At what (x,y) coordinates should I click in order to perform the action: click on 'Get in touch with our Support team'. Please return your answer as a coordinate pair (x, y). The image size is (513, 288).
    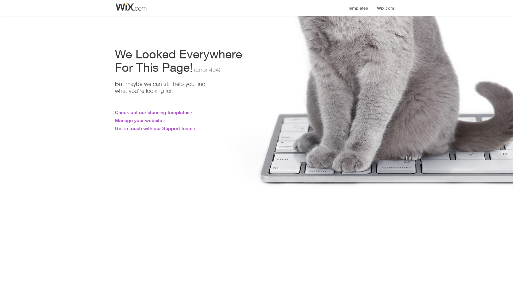
    Looking at the image, I should click on (153, 128).